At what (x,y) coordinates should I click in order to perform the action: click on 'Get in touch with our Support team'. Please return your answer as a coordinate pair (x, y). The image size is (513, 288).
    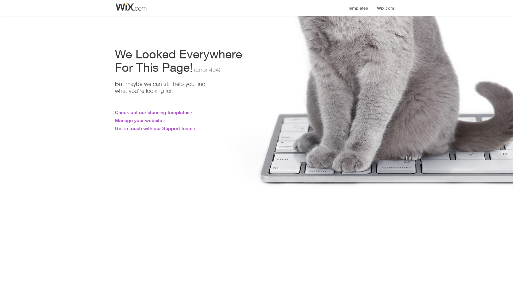
    Looking at the image, I should click on (153, 128).